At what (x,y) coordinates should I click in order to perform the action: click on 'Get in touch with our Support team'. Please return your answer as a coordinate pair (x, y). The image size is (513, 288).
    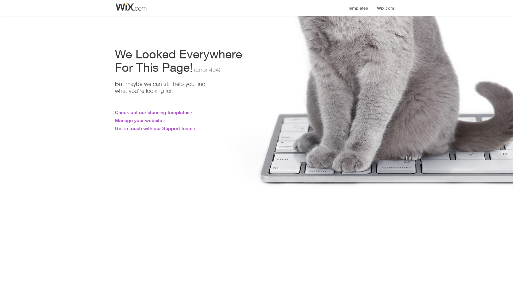
    Looking at the image, I should click on (153, 128).